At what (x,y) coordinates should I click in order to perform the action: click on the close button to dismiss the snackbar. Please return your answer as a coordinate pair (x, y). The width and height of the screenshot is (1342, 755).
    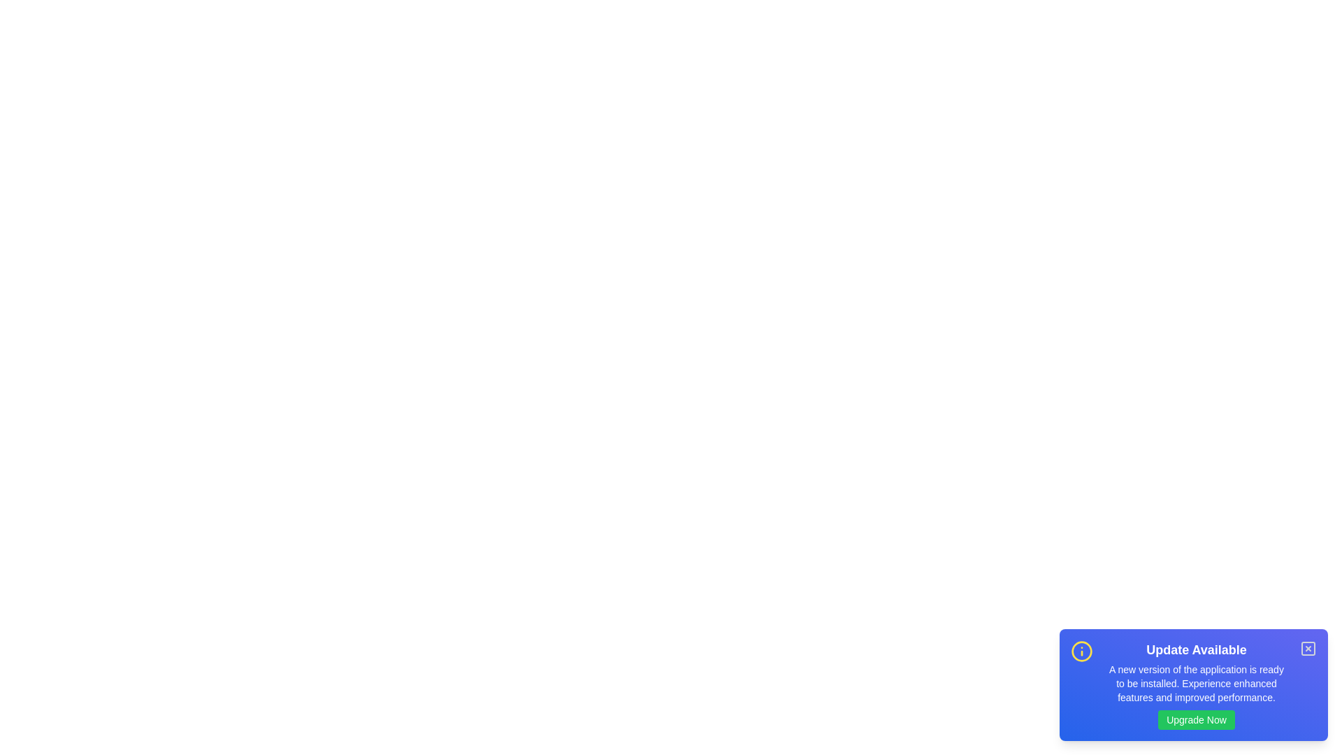
    Looking at the image, I should click on (1308, 649).